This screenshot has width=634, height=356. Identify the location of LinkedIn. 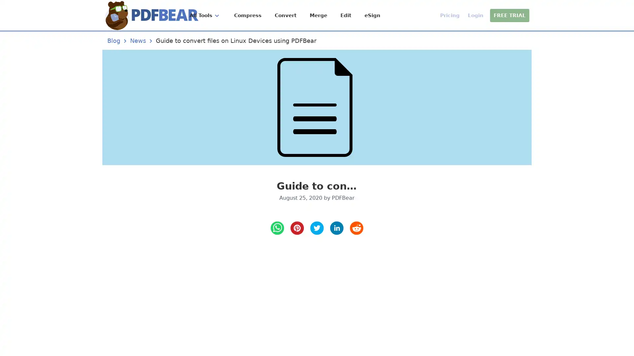
(336, 227).